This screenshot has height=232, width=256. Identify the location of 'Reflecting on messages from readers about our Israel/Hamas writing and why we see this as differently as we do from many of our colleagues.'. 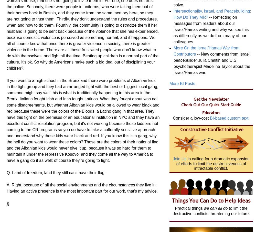
(174, 29).